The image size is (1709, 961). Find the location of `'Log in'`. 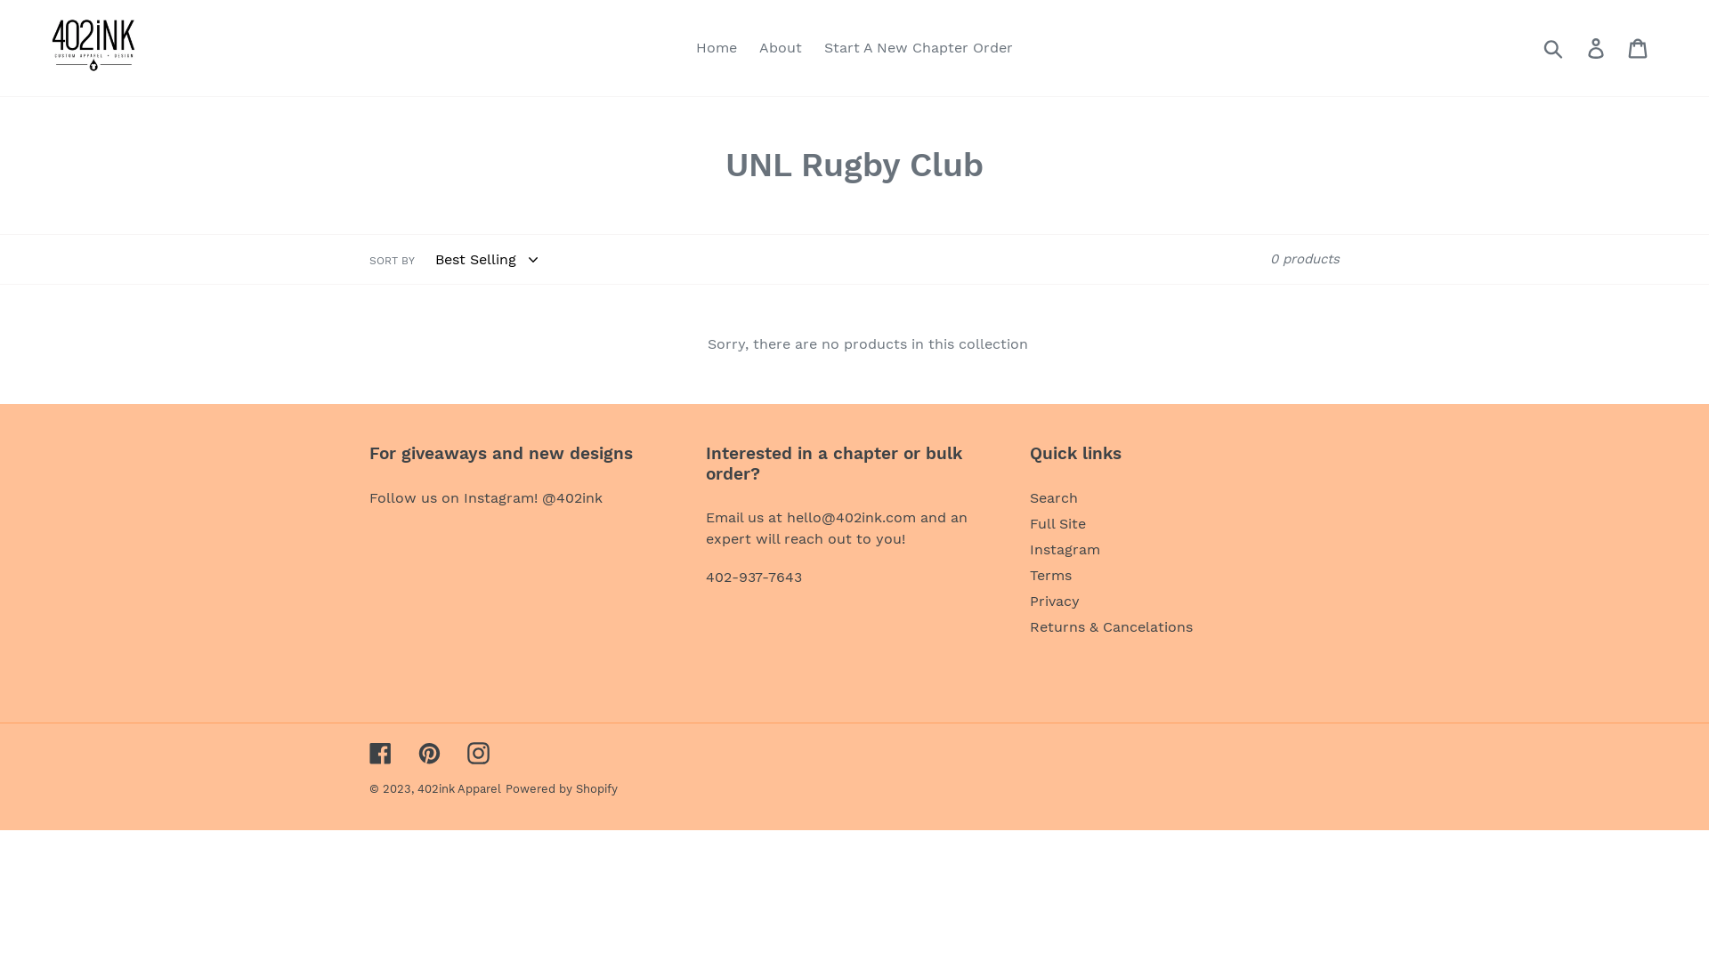

'Log in' is located at coordinates (1597, 47).